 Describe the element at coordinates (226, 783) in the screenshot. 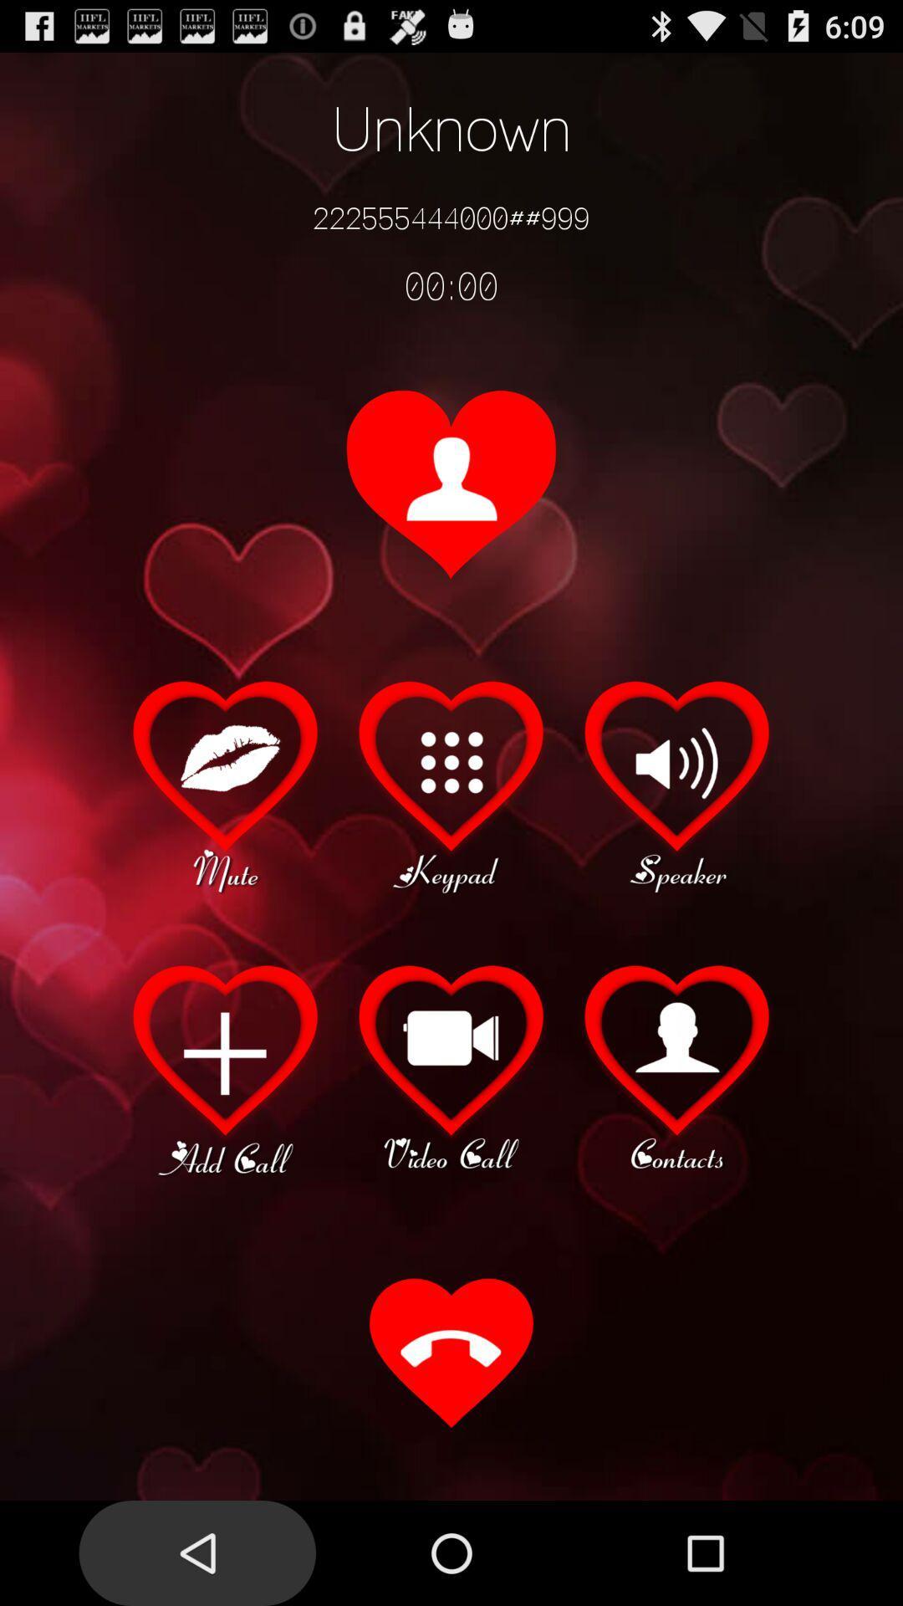

I see `mute caller` at that location.